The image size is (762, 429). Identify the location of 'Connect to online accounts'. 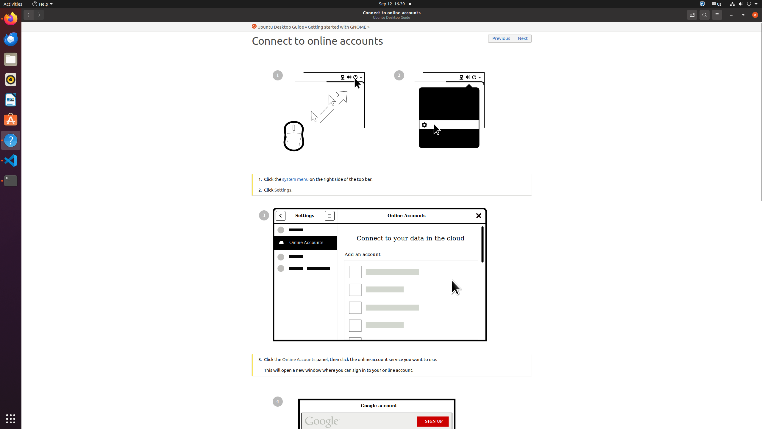
(392, 13).